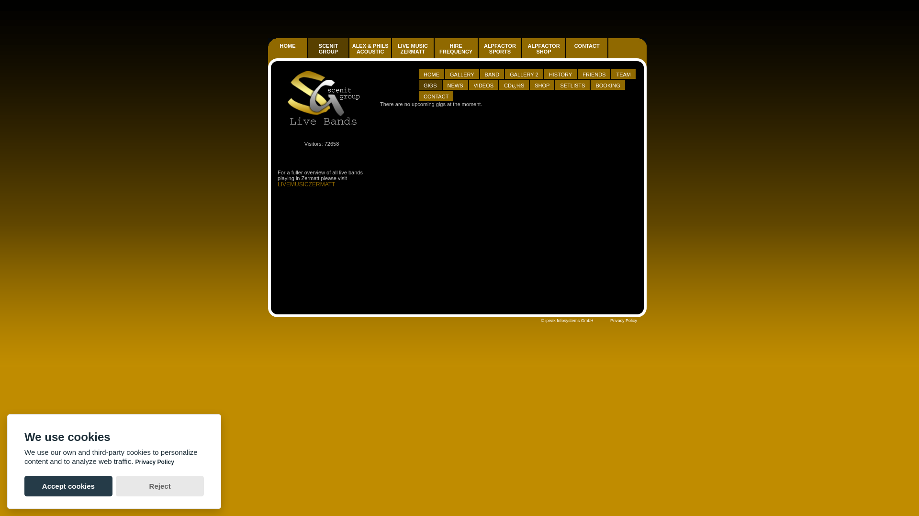 The width and height of the screenshot is (919, 516). I want to click on 'LIVE MUSIC, so click(413, 48).